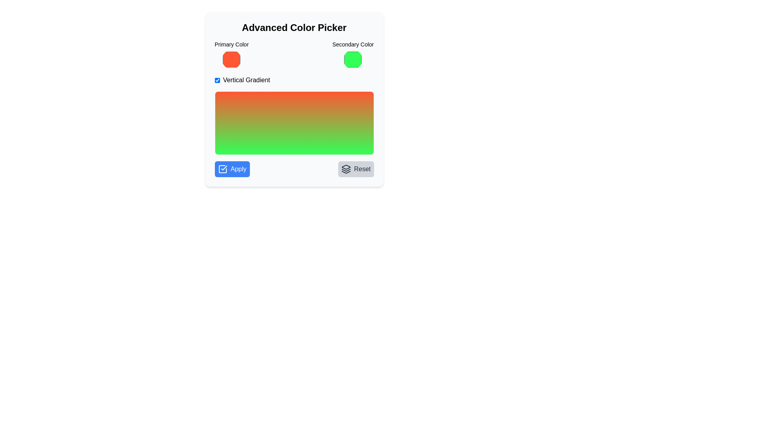  Describe the element at coordinates (353, 44) in the screenshot. I see `the Text Label that describes the color selection feature in the Advanced Color Picker interface, located at the top-right of the section above the circular color display` at that location.